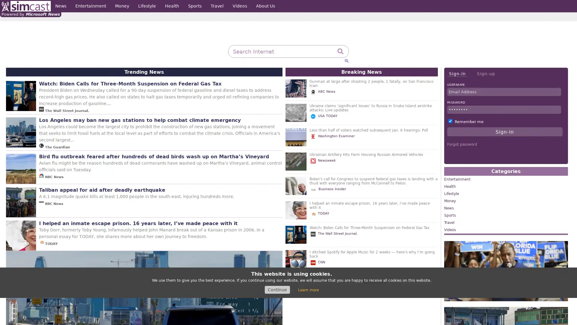 The height and width of the screenshot is (325, 577). What do you see at coordinates (457, 73) in the screenshot?
I see `Sign-in` at bounding box center [457, 73].